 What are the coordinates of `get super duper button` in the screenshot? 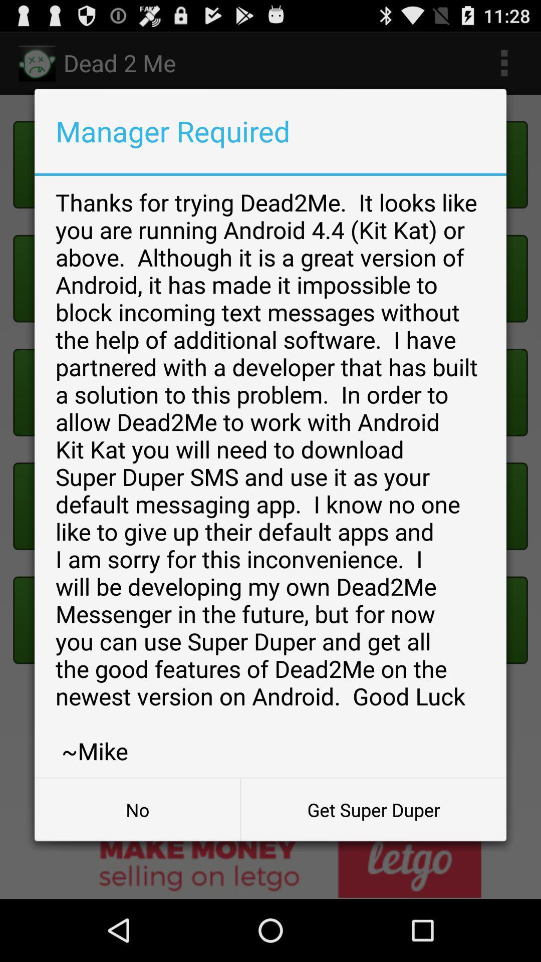 It's located at (374, 810).